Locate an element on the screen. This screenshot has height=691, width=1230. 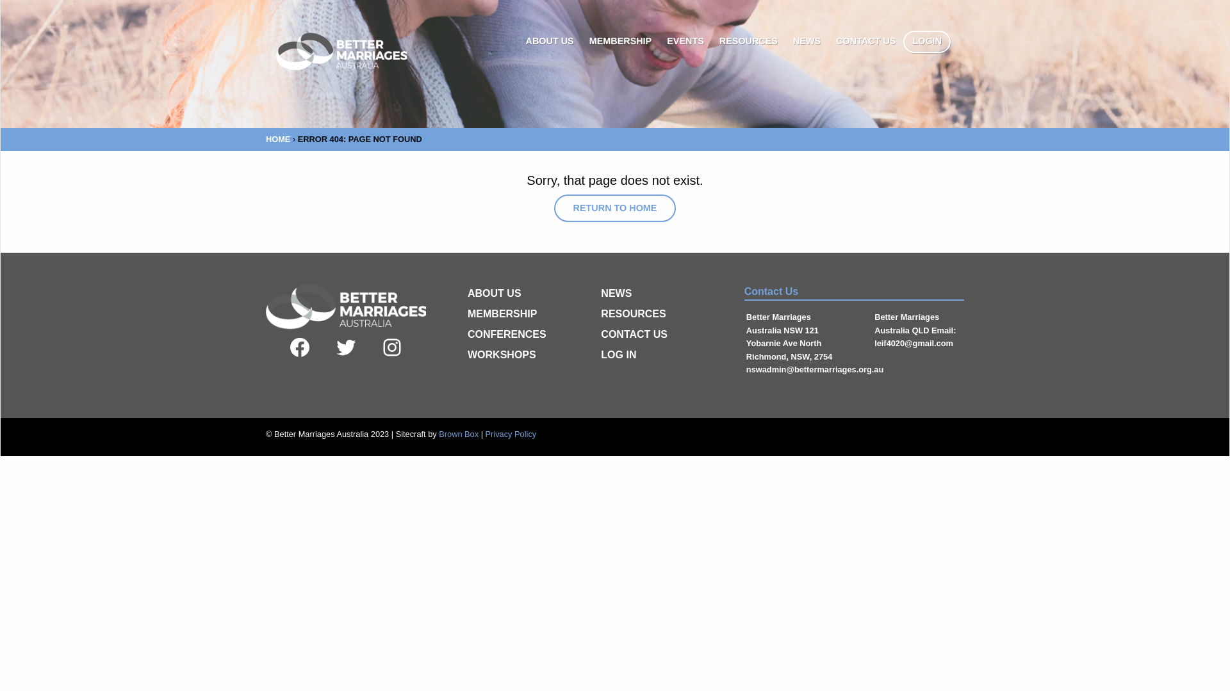
'RETURN TO HOME' is located at coordinates (615, 207).